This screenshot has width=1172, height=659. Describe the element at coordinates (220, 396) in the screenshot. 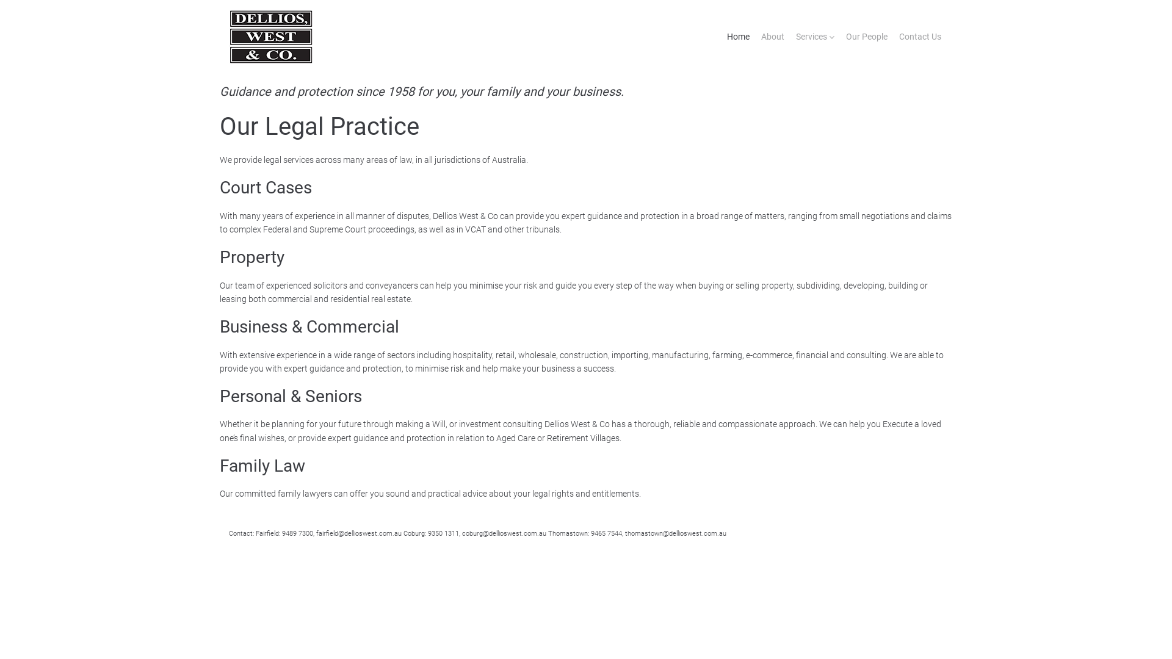

I see `'Personal & Seniors'` at that location.